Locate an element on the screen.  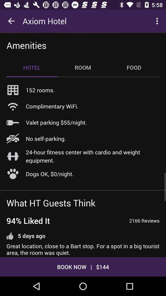
the icon above the valet parking 55 is located at coordinates (52, 106).